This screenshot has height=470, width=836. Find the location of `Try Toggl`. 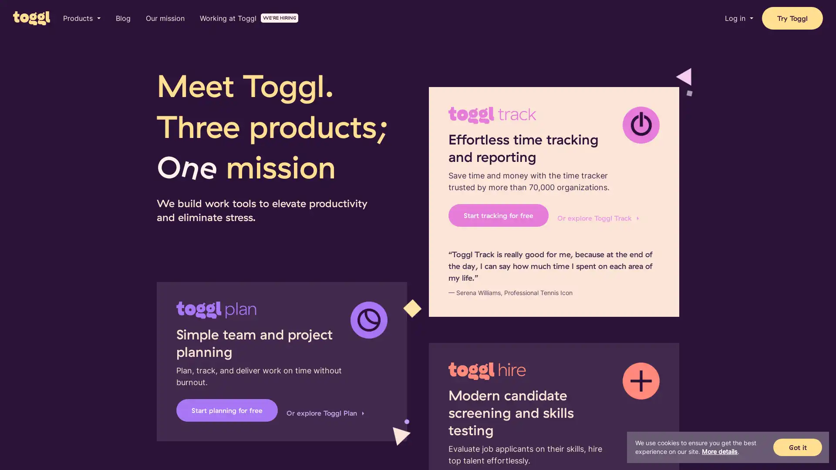

Try Toggl is located at coordinates (792, 18).